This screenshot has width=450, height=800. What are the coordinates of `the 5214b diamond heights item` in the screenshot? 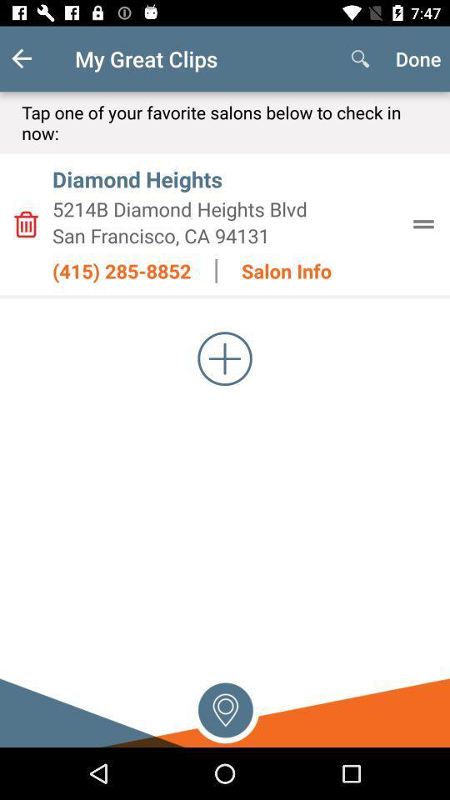 It's located at (225, 208).